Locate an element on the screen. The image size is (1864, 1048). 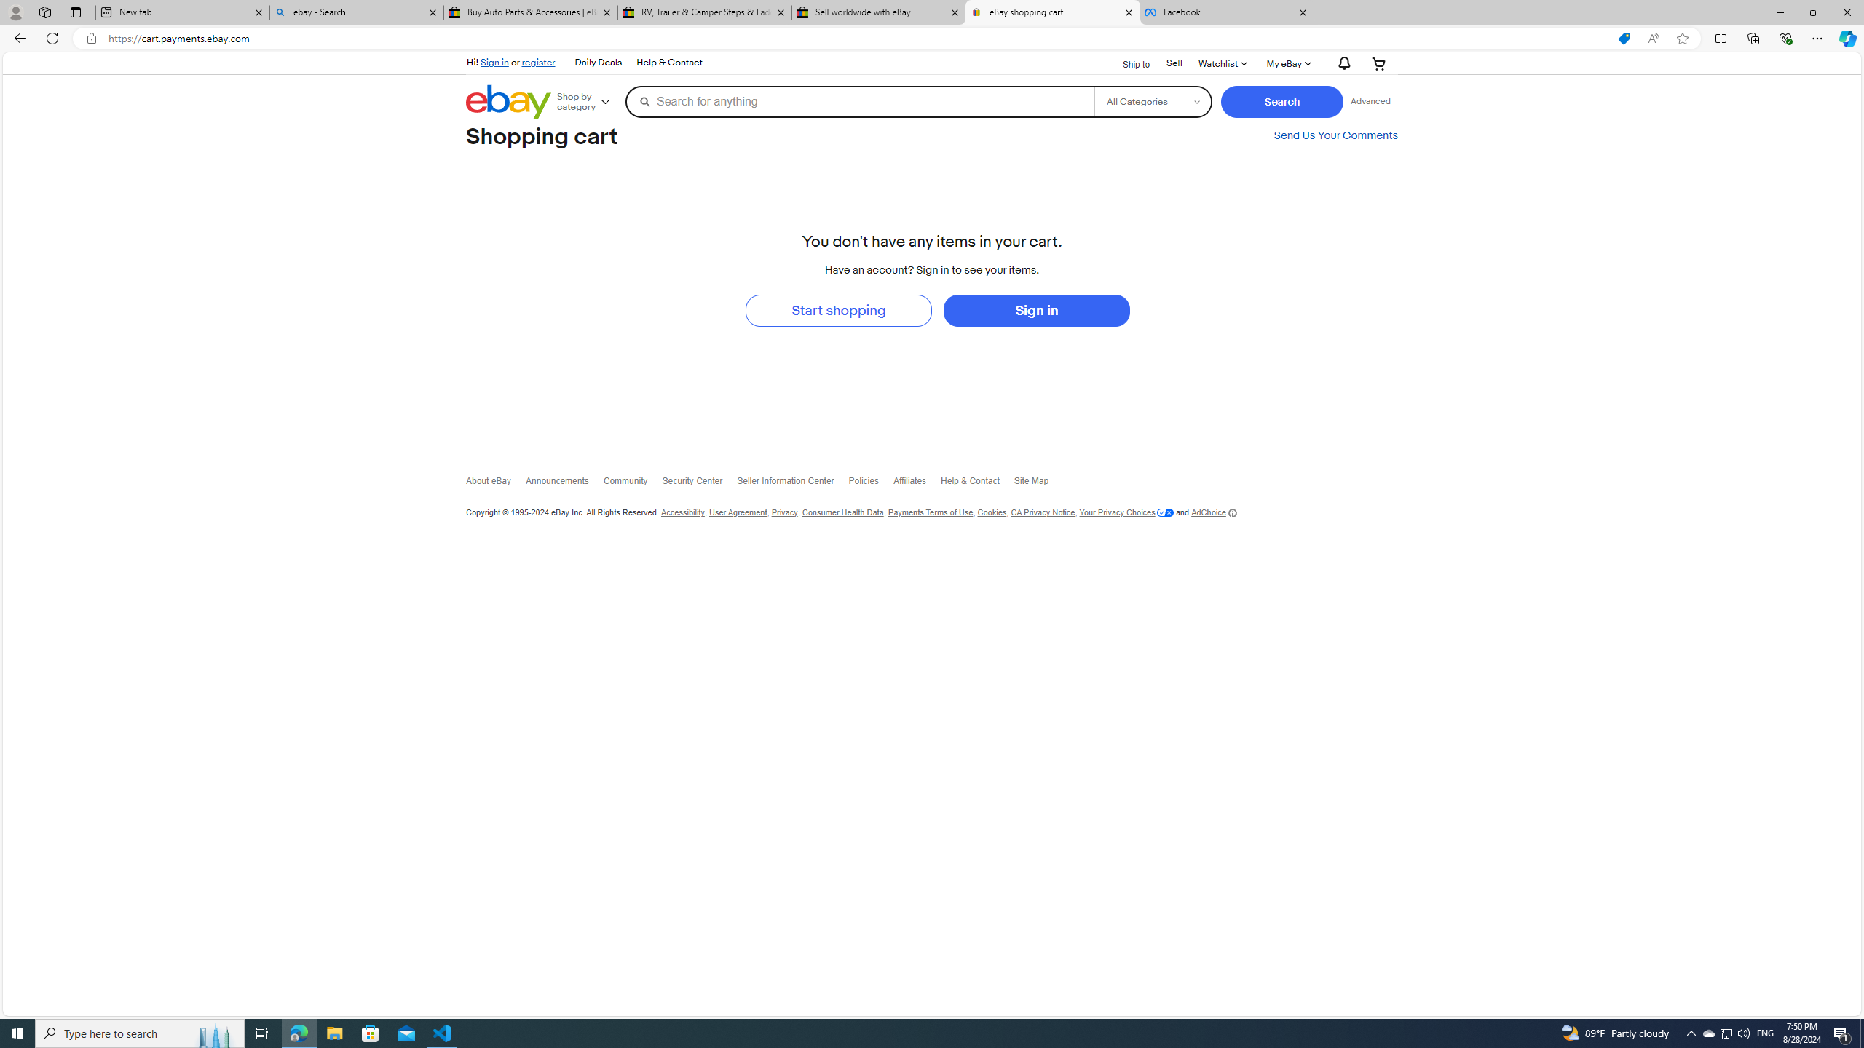
'AutomationID: gh-eb-Alerts' is located at coordinates (1341, 63).